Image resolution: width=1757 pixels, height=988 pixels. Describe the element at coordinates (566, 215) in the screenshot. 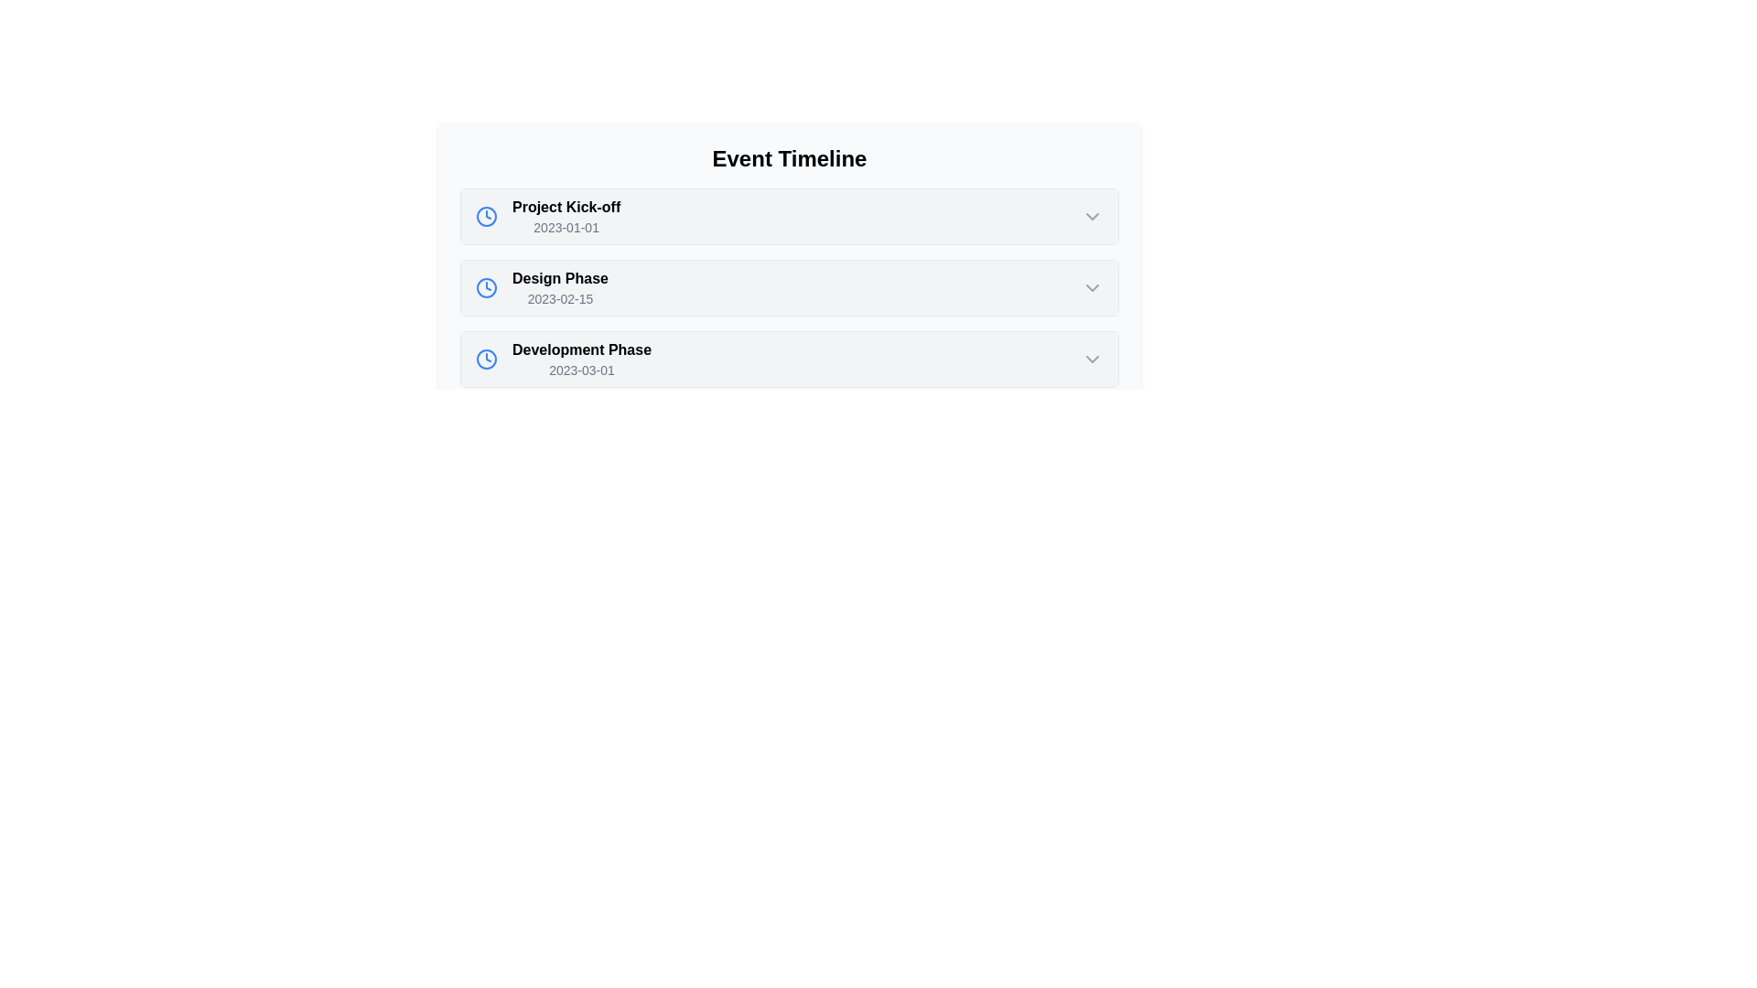

I see `the 'Project Kick-off' text block, which is the first item in the event timeline list under the 'Event Timeline' heading` at that location.